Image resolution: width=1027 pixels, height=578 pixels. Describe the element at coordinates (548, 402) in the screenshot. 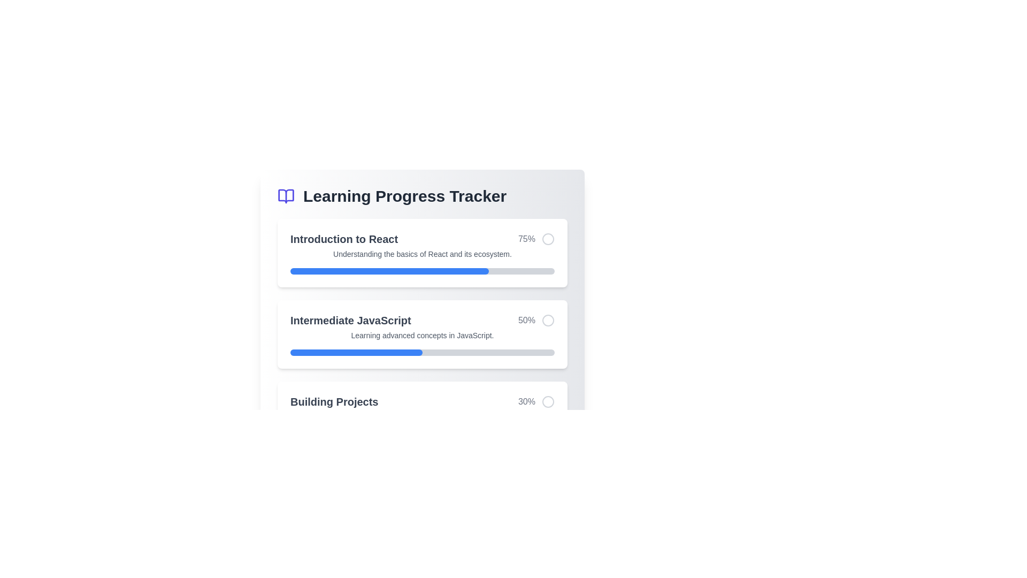

I see `the circular checkbox-like UI component located to the right of the '30%' text in the 'Building Projects' row` at that location.